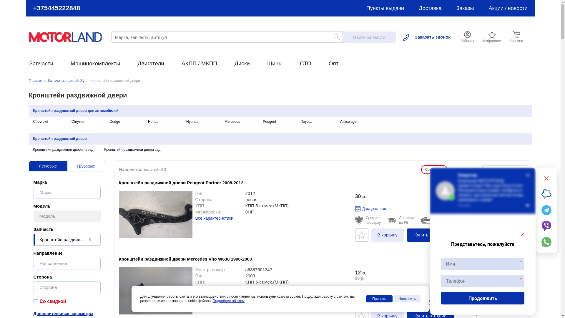 Image resolution: width=565 pixels, height=318 pixels. I want to click on 'Toyota', so click(306, 121).